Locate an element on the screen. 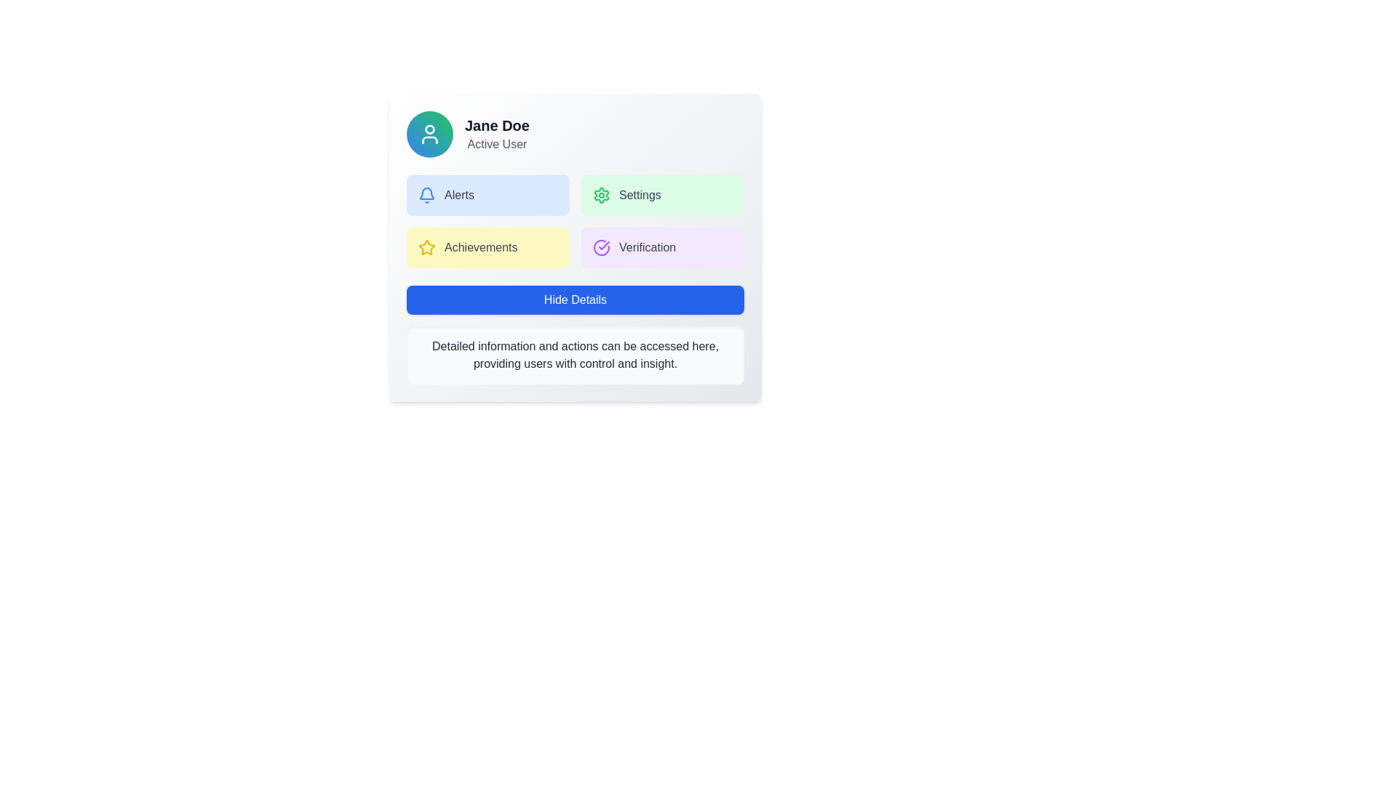  the label indicating active user status, which is positioned immediately below the text 'Jane Doe' in the user profile card layout is located at coordinates (497, 145).